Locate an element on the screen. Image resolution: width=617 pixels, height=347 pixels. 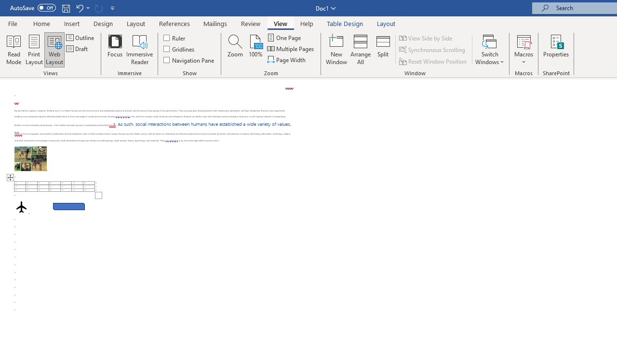
'Macros' is located at coordinates (523, 50).